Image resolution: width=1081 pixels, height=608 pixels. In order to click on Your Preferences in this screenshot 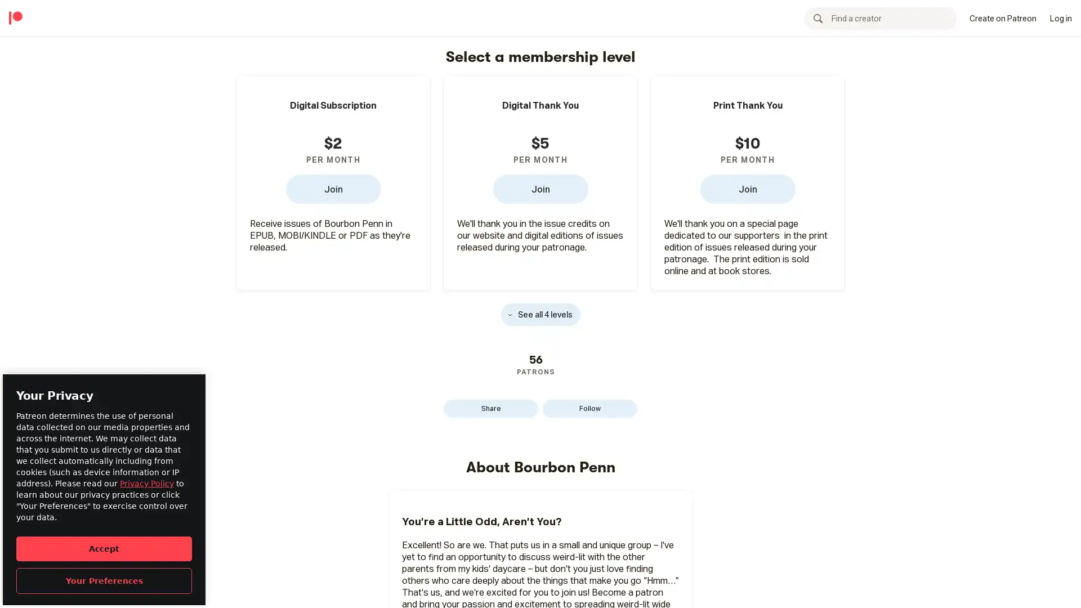, I will do `click(104, 580)`.